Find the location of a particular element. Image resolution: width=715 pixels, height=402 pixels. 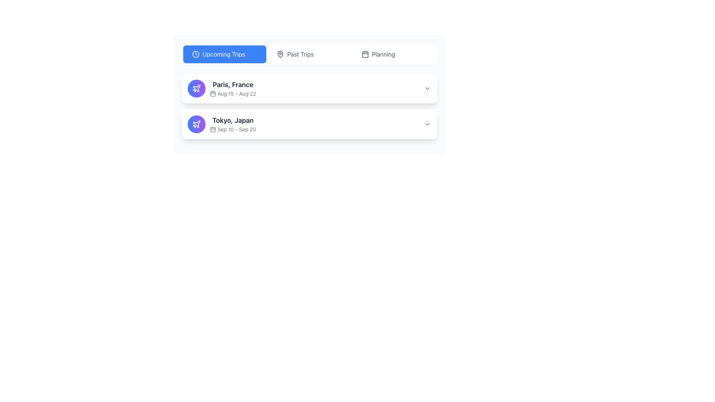

the filled rectangle component of the calendar icon, which serves a decorative purpose and is positioned near the center of the section listing trips is located at coordinates (212, 93).